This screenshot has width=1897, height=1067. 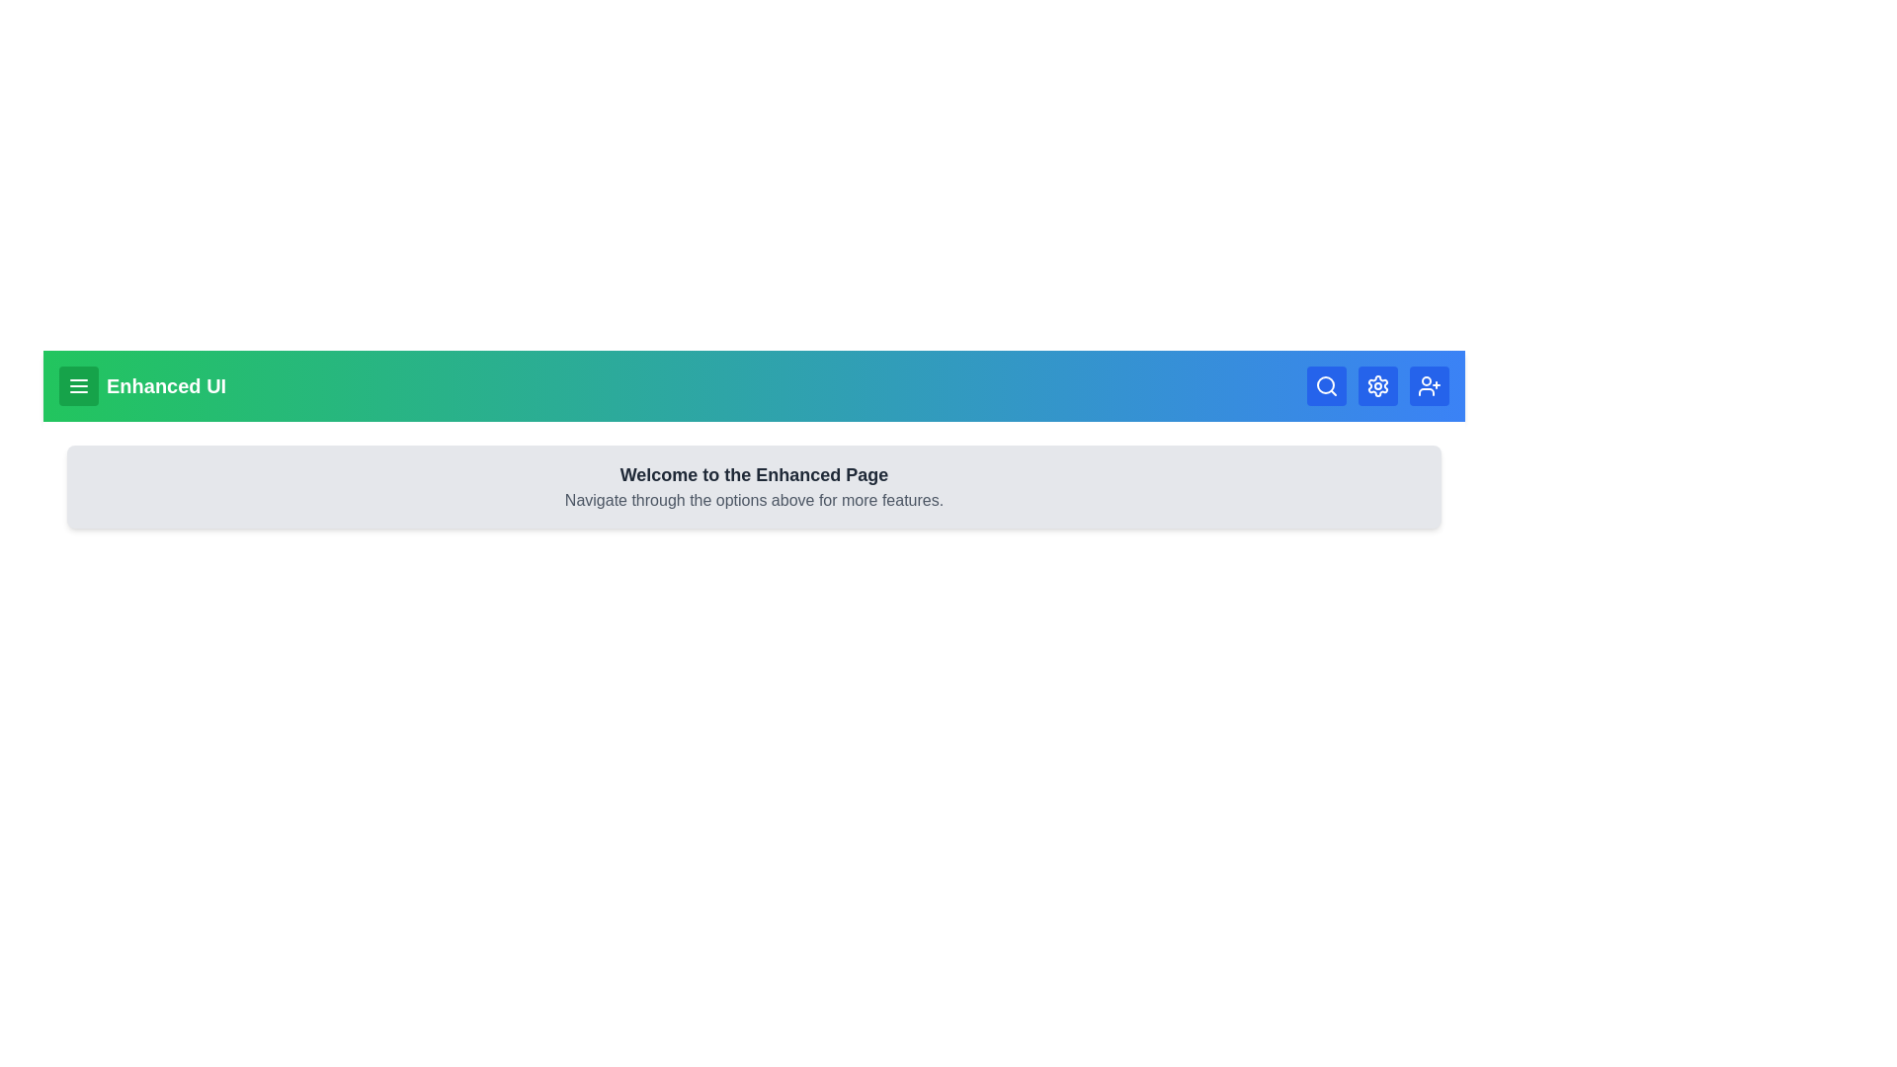 I want to click on the menu button located at the top-left corner of the app bar, so click(x=79, y=385).